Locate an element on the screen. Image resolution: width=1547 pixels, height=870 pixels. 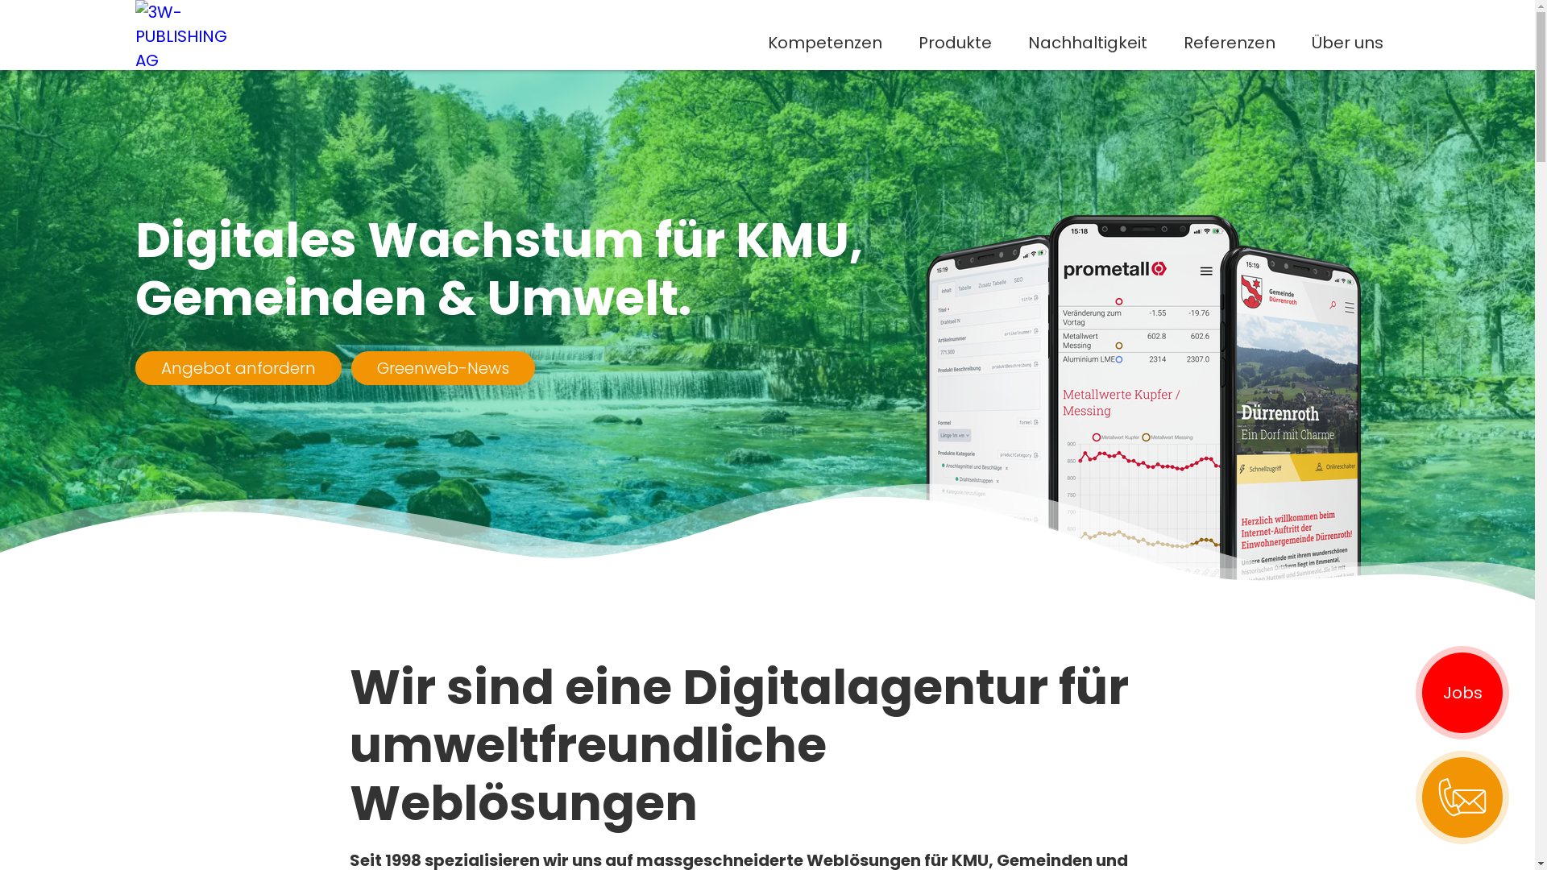
'Nachhaltigkeit' is located at coordinates (1087, 42).